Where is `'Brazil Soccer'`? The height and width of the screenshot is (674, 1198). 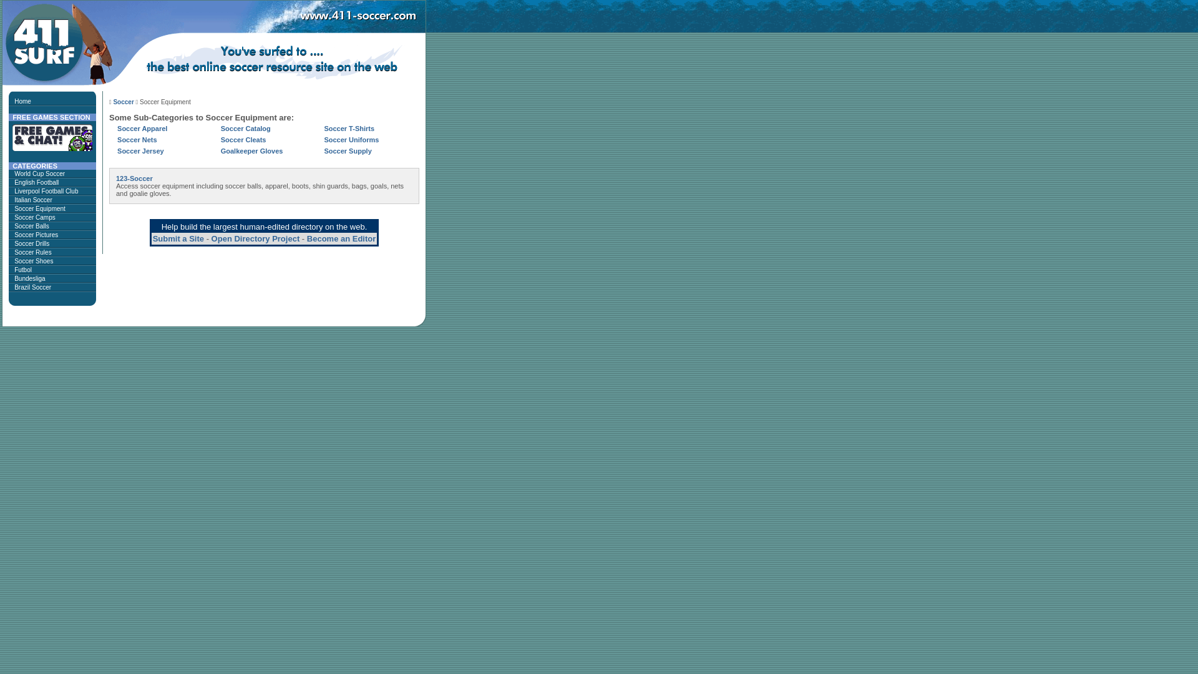 'Brazil Soccer' is located at coordinates (32, 287).